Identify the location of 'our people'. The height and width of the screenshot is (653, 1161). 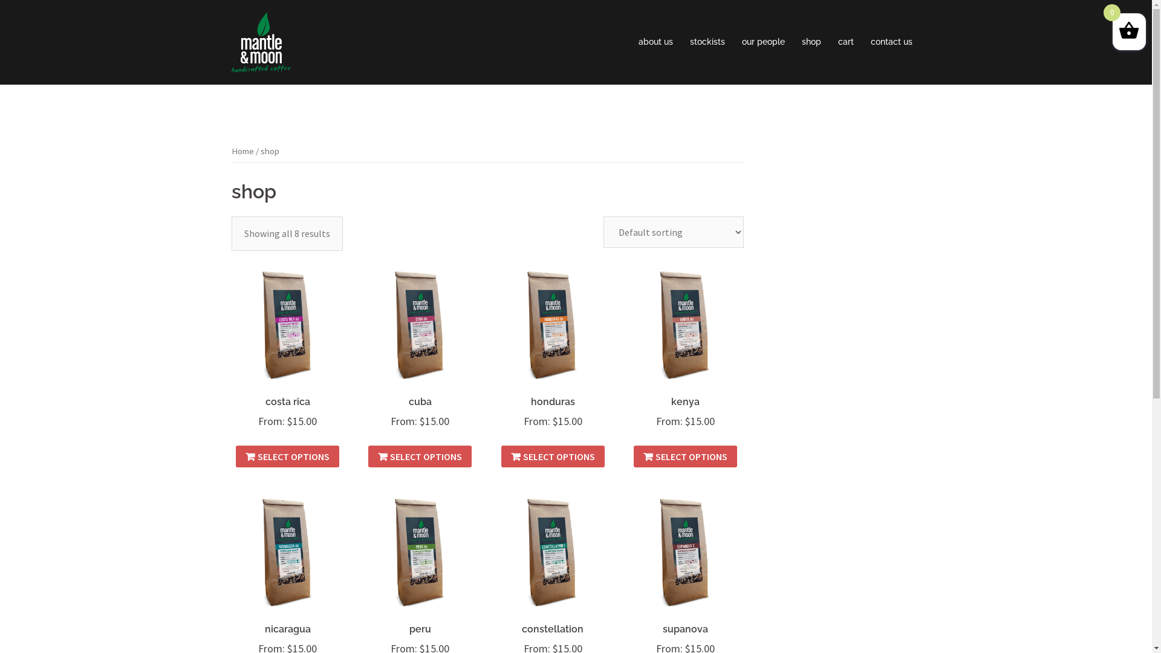
(762, 41).